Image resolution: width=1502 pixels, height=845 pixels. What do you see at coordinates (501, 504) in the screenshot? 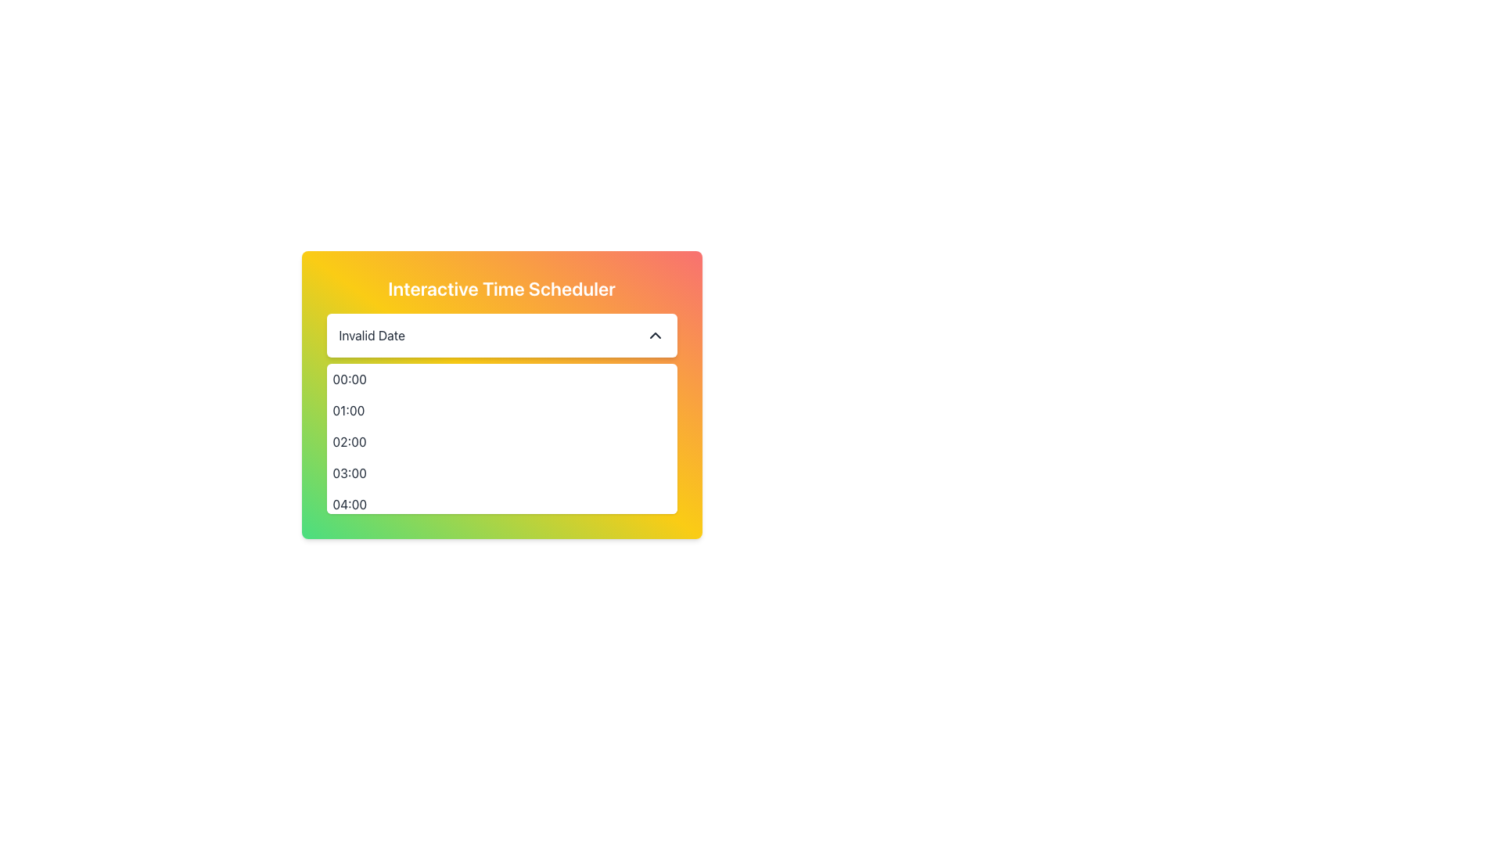
I see `the list item representing the time option '04:00' within the dropdown menu` at bounding box center [501, 504].